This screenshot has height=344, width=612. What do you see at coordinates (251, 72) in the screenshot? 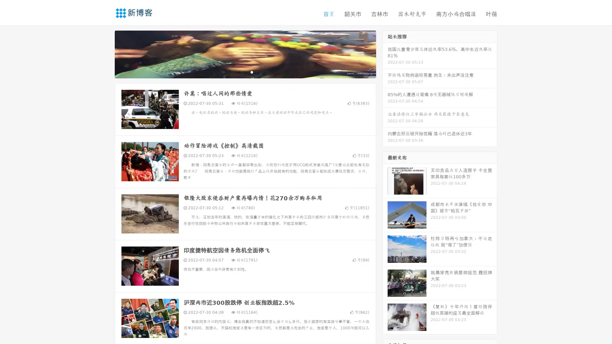
I see `Go to slide 3` at bounding box center [251, 72].